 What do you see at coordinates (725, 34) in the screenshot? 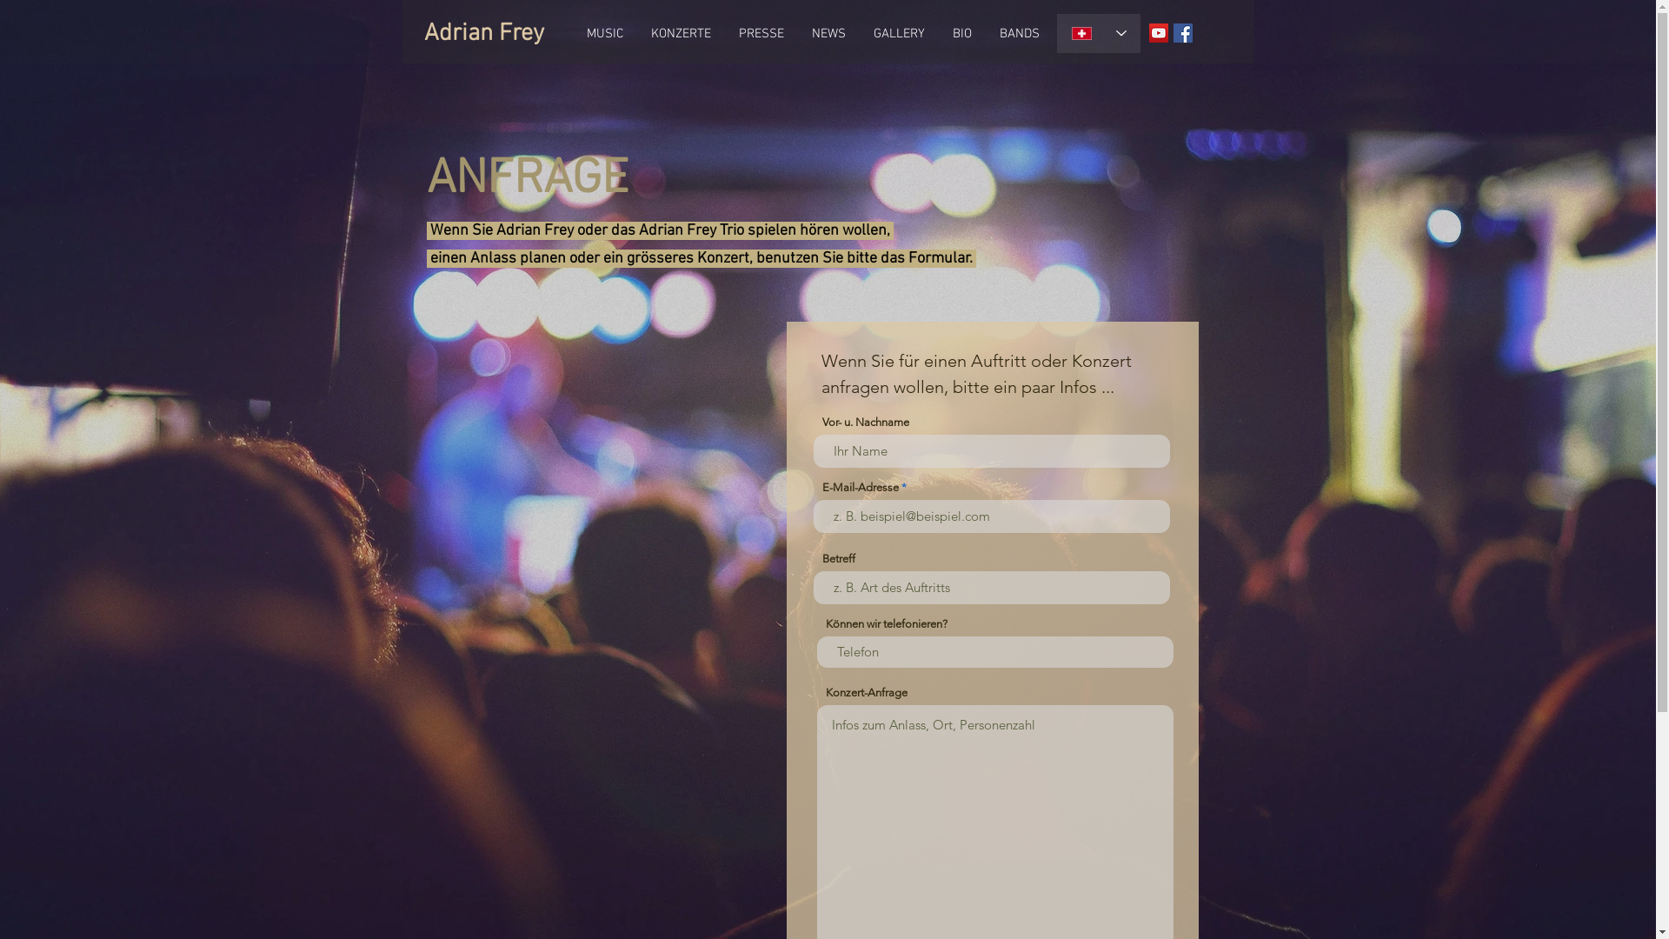
I see `'PRESSE'` at bounding box center [725, 34].